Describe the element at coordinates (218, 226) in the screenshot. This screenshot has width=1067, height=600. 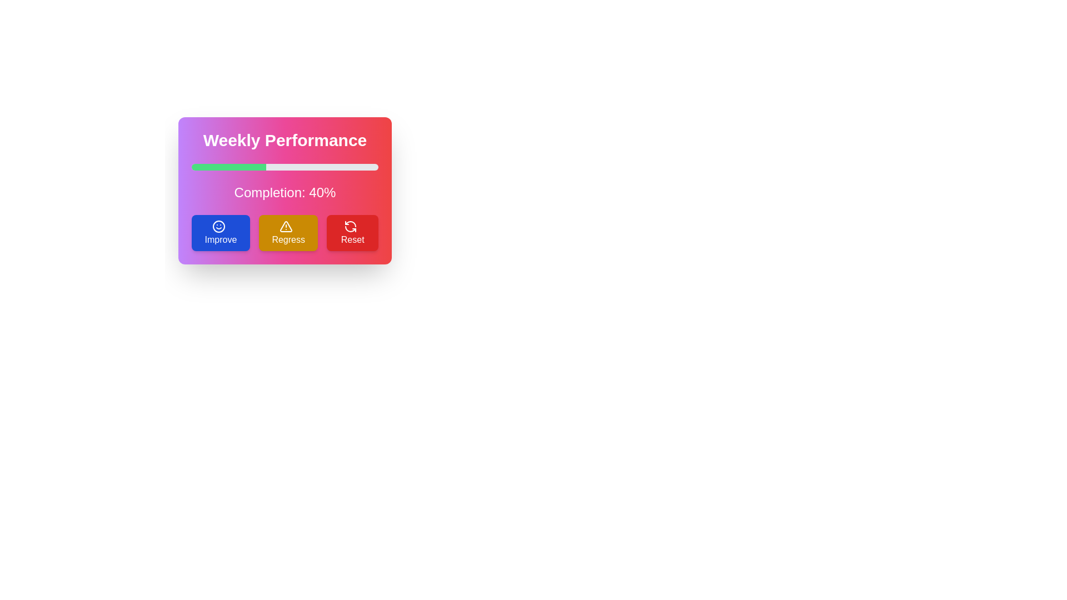
I see `the circular smiley face icon located on the left side of the 'Improve' button, which is beneath the 'Completion: 40%' text` at that location.